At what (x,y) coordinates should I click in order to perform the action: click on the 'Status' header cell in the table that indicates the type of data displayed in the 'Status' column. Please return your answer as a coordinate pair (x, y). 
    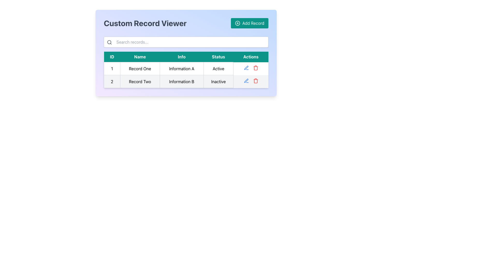
    Looking at the image, I should click on (218, 57).